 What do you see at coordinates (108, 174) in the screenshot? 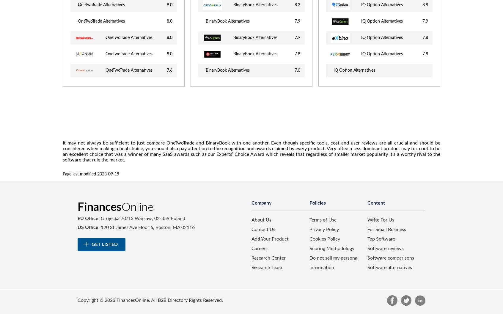
I see `'2023-09-19'` at bounding box center [108, 174].